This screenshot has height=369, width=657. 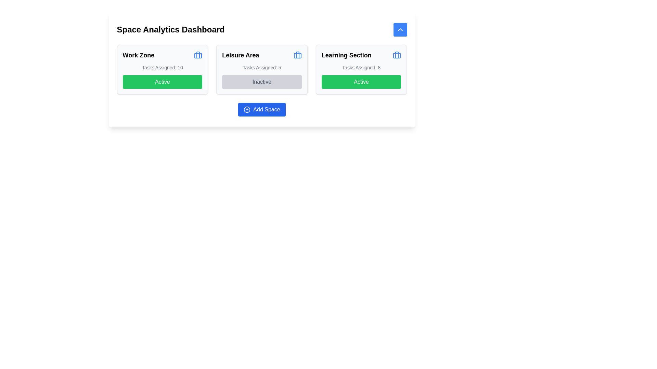 I want to click on the 'Learning Section' label with the briefcase icon, which is displayed in bold styling and positioned at the top of its card, so click(x=361, y=55).